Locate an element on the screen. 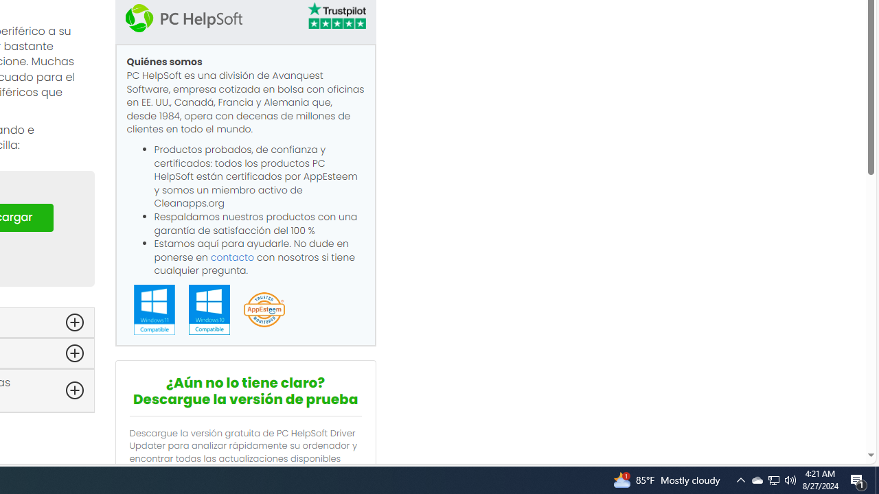  'contacto' is located at coordinates (232, 257).